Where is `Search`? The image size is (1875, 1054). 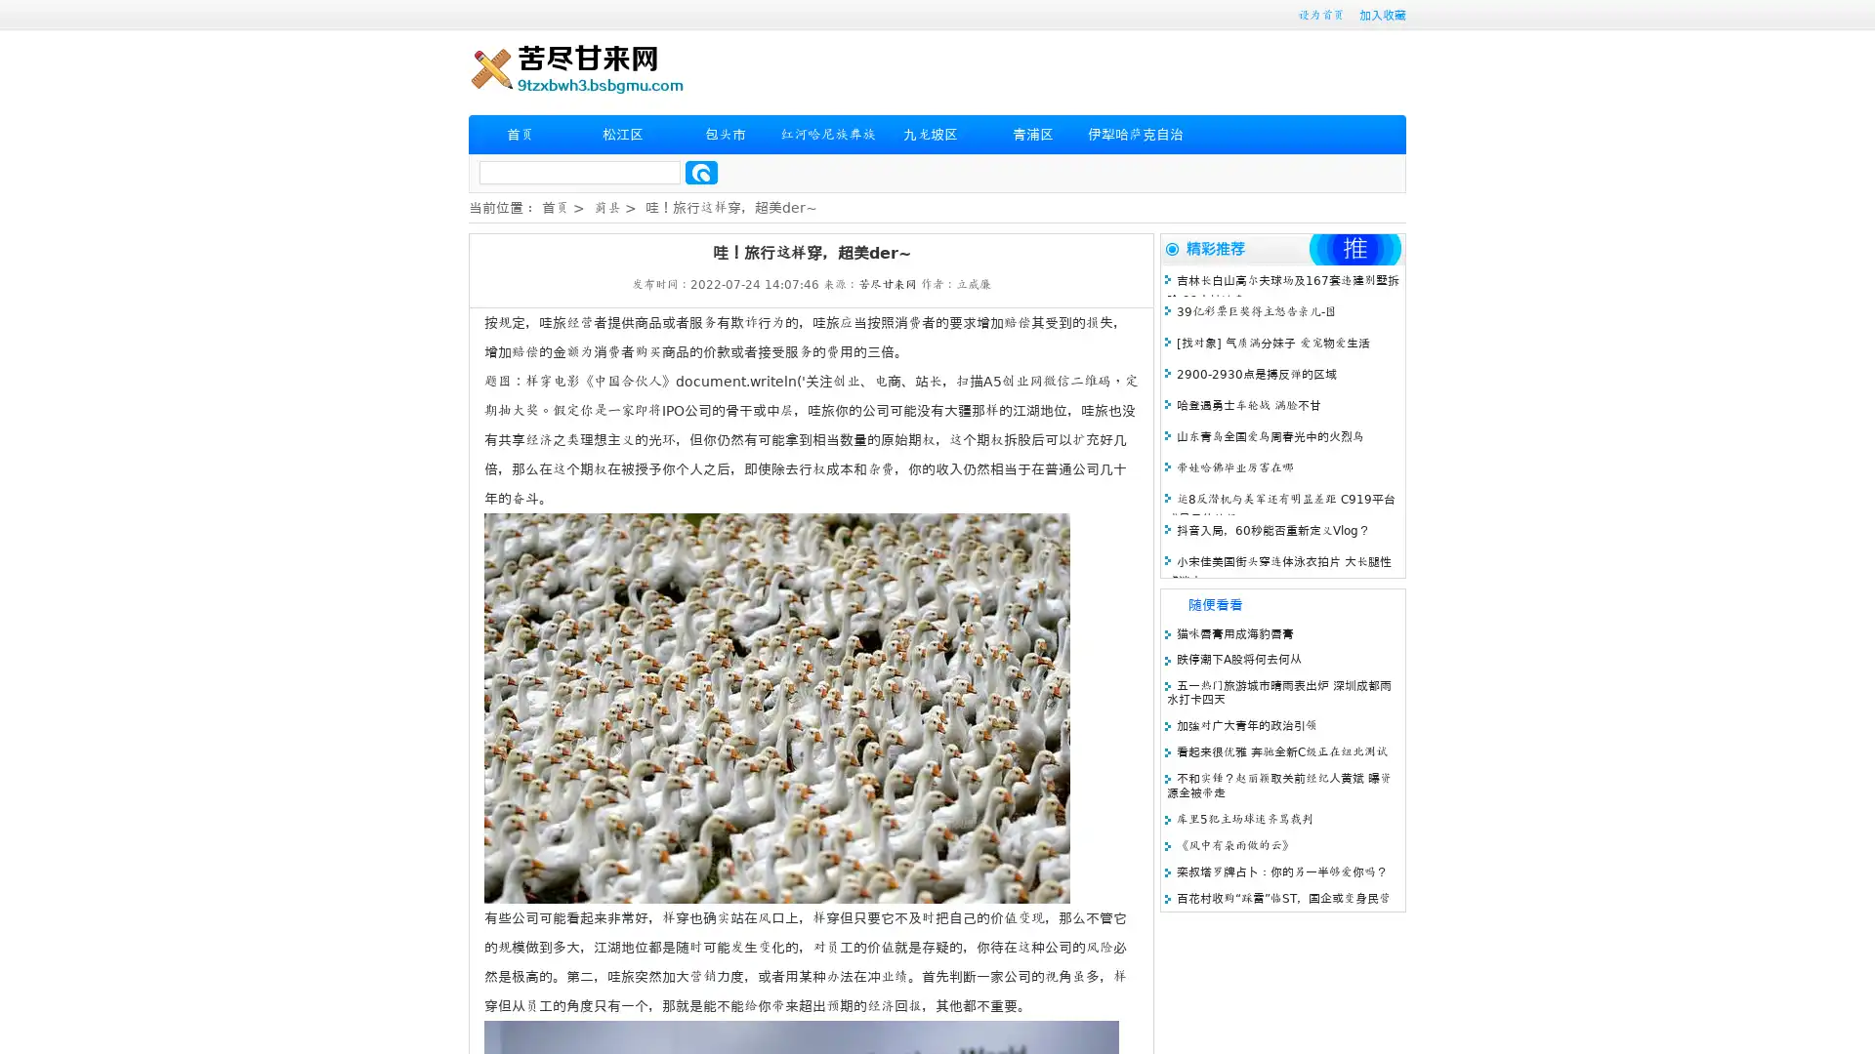
Search is located at coordinates (701, 172).